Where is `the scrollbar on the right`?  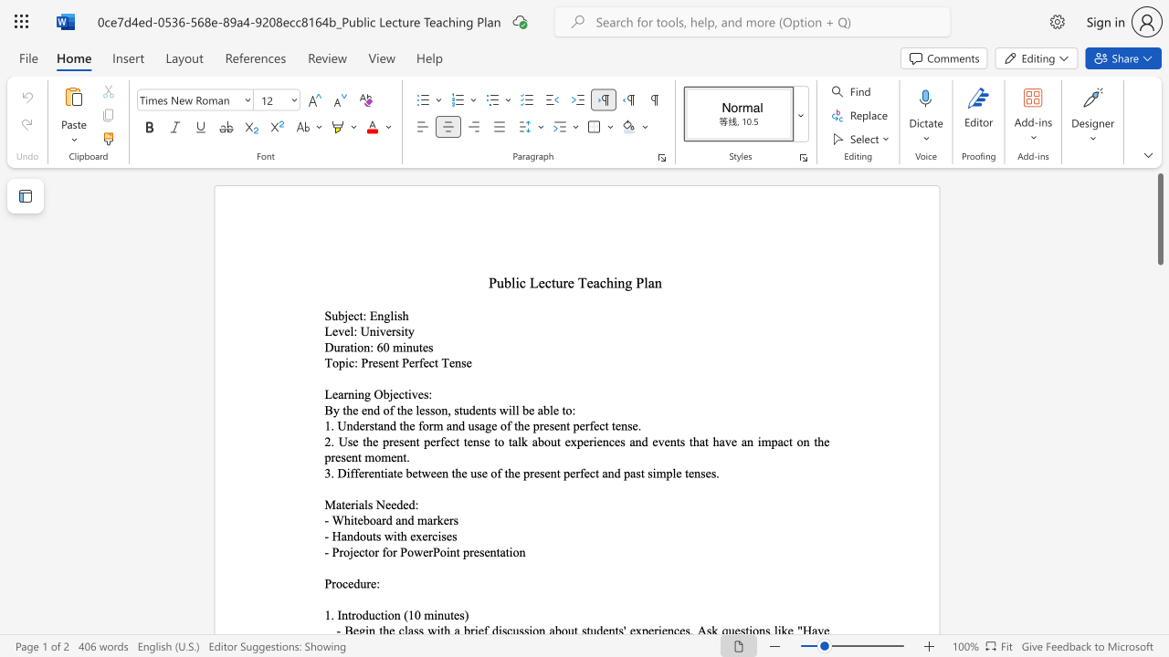
the scrollbar on the right is located at coordinates (1159, 318).